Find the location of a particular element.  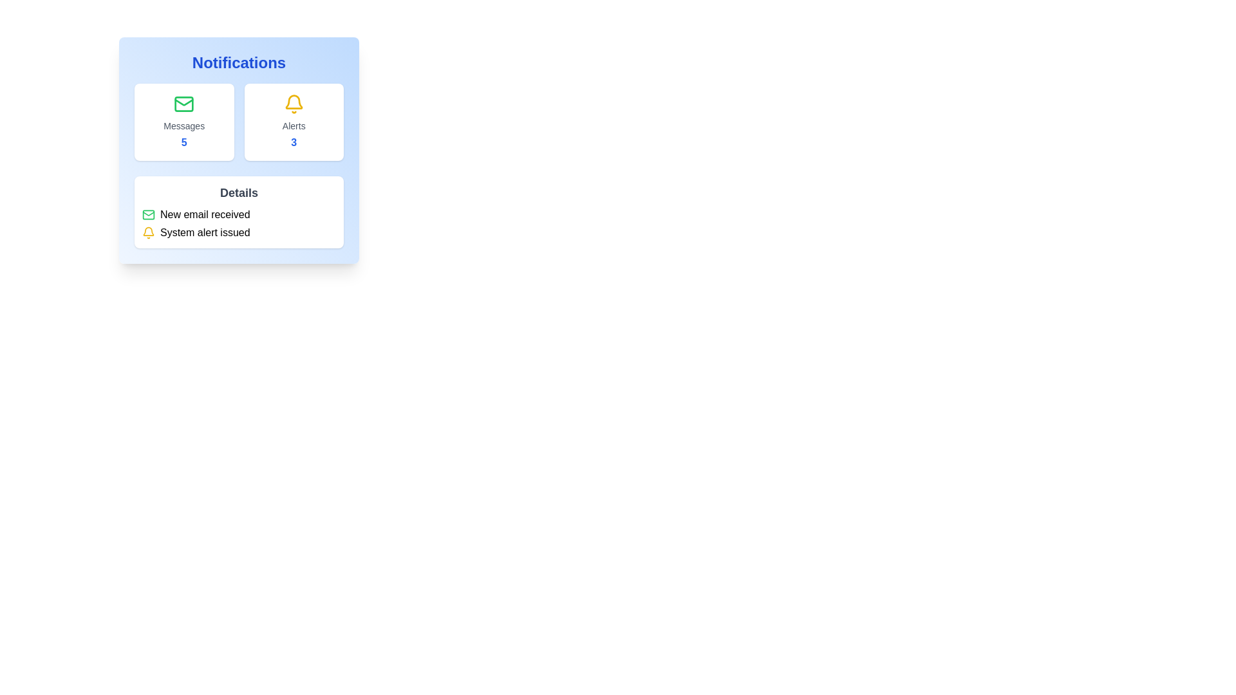

the Information display section that contains the title 'Details' and two rows of text with icons indicating 'New email received' and 'System alert issued' is located at coordinates (239, 212).